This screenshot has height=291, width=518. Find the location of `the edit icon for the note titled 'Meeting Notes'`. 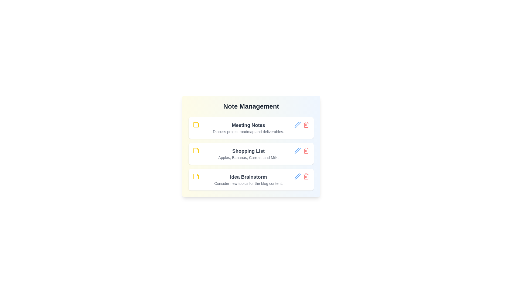

the edit icon for the note titled 'Meeting Notes' is located at coordinates (297, 124).